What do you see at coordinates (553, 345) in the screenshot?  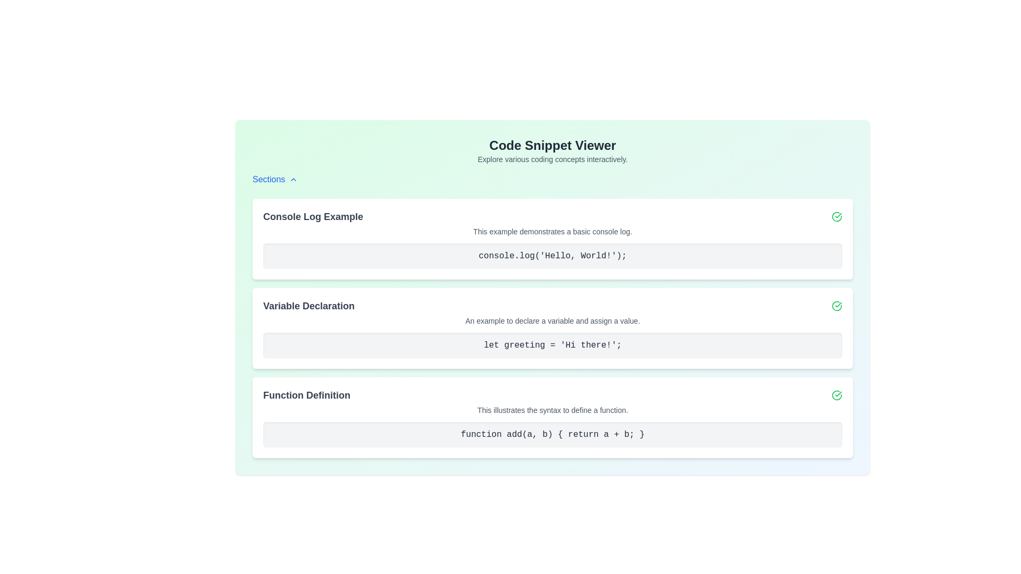 I see `the text element that visually represents a code snippet demonstrating the declaration and assignment of a variable, specifically showing how to assign the string 'Hi there!' to the variable 'greeting', located in the 'Variable Declaration' section of the 'Code Snippet Viewer'` at bounding box center [553, 345].